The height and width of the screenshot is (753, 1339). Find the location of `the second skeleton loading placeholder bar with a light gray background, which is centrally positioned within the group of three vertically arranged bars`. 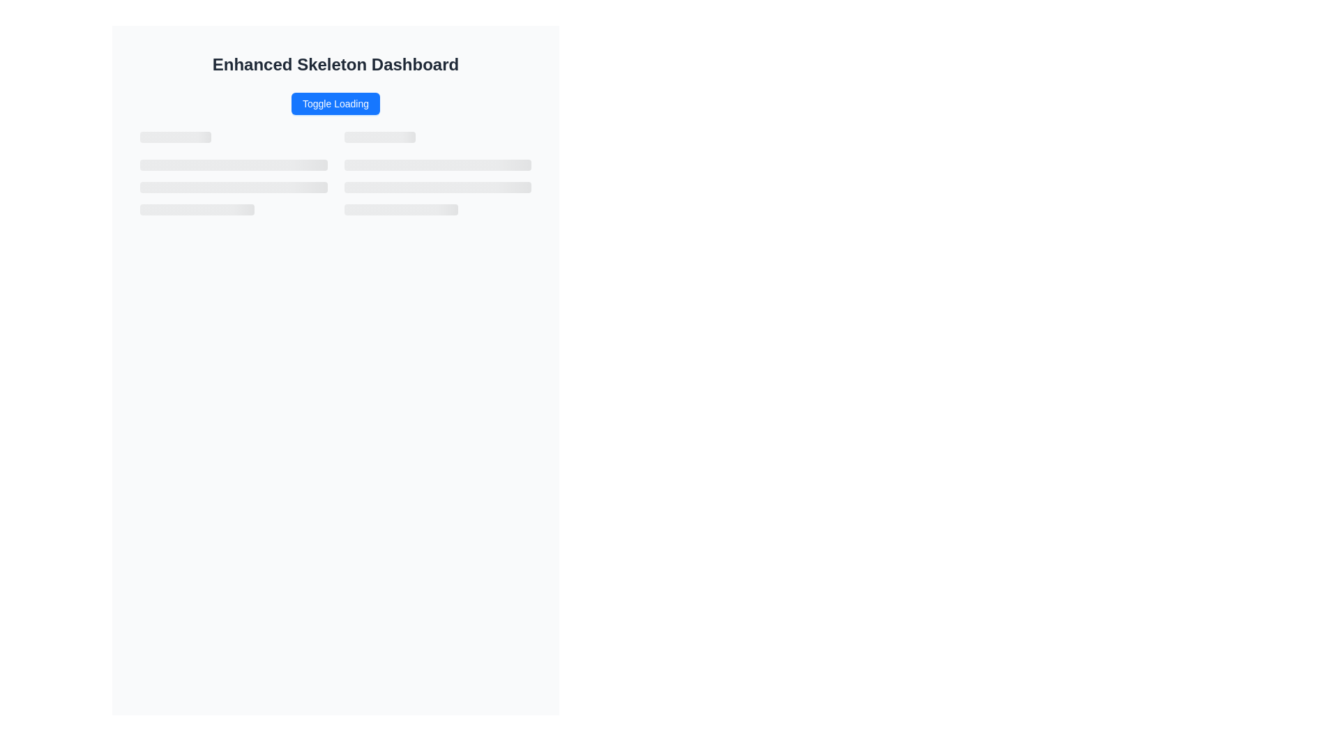

the second skeleton loading placeholder bar with a light gray background, which is centrally positioned within the group of three vertically arranged bars is located at coordinates (234, 187).